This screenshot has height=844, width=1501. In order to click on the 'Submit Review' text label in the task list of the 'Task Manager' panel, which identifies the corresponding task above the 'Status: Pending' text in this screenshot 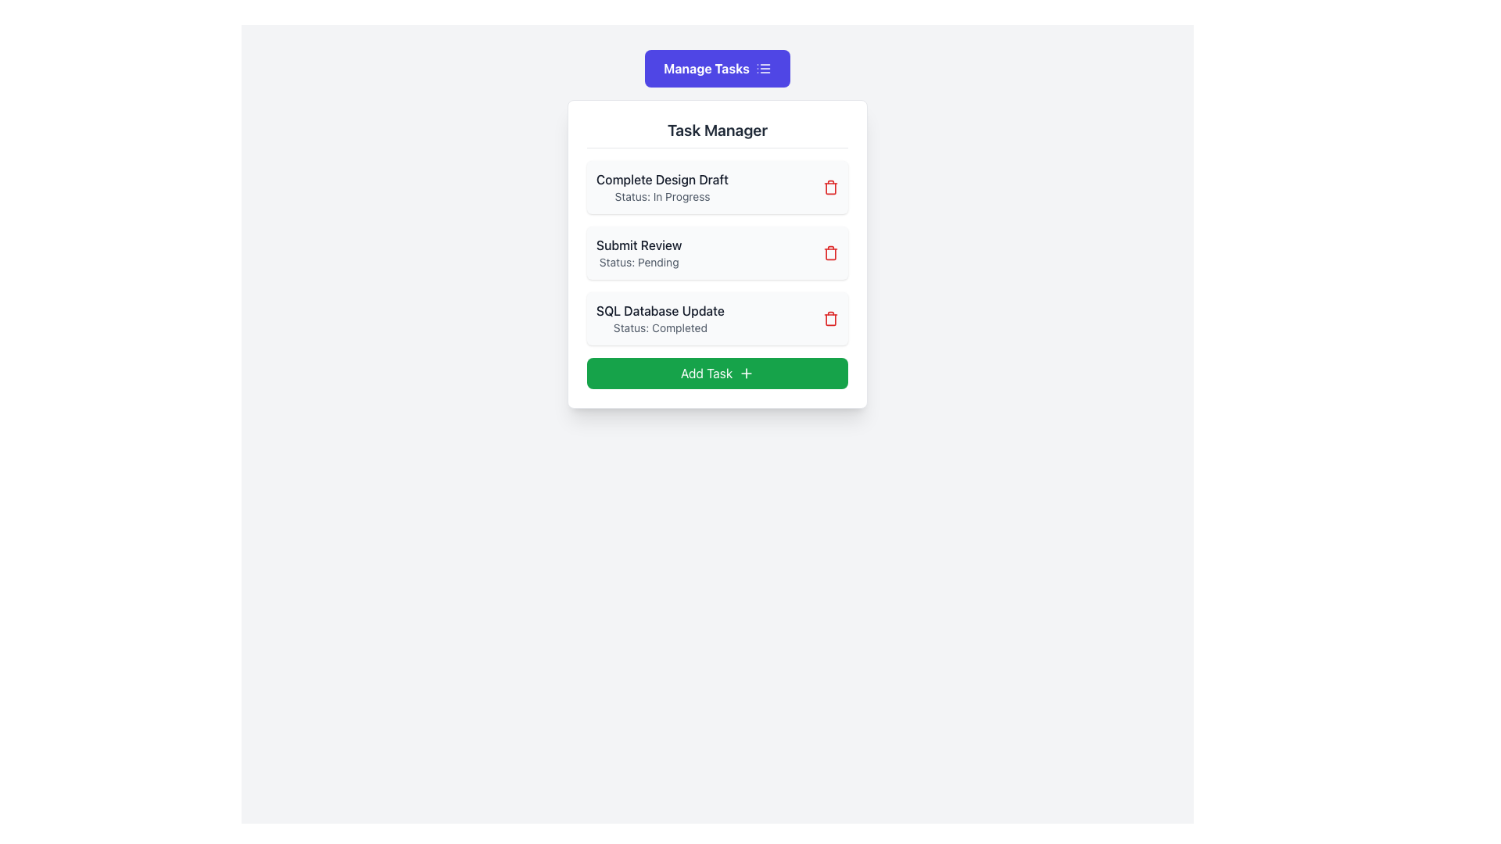, I will do `click(639, 245)`.